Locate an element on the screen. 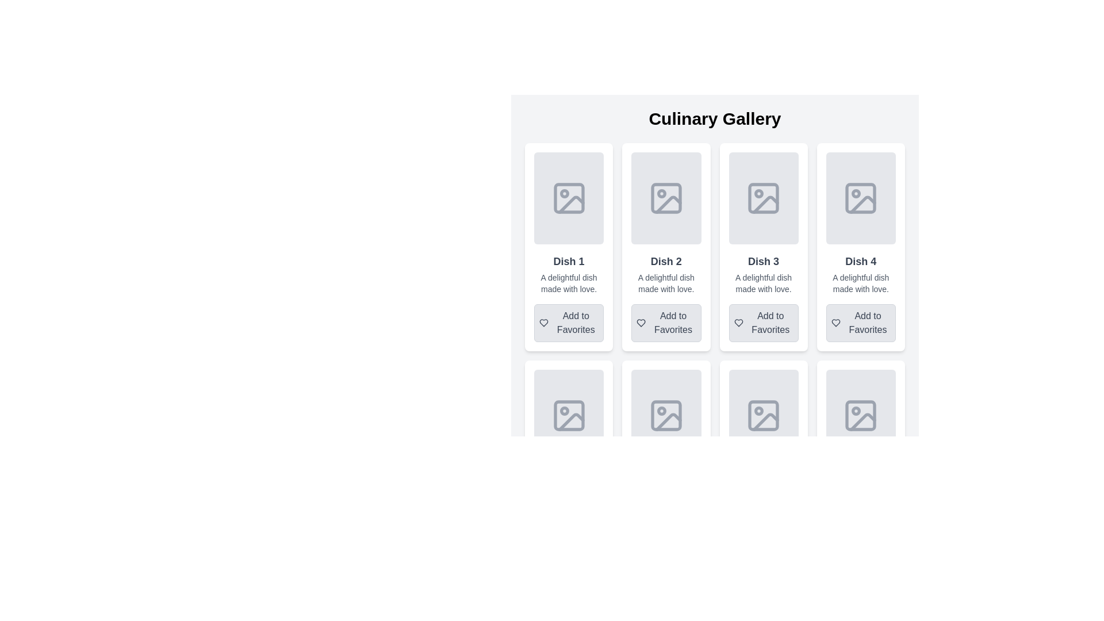 This screenshot has width=1104, height=621. the Image Placeholder element for 'Dish 3', which is a rectangular area with a light gray background and rounded corners, located at the top of the card is located at coordinates (764, 197).